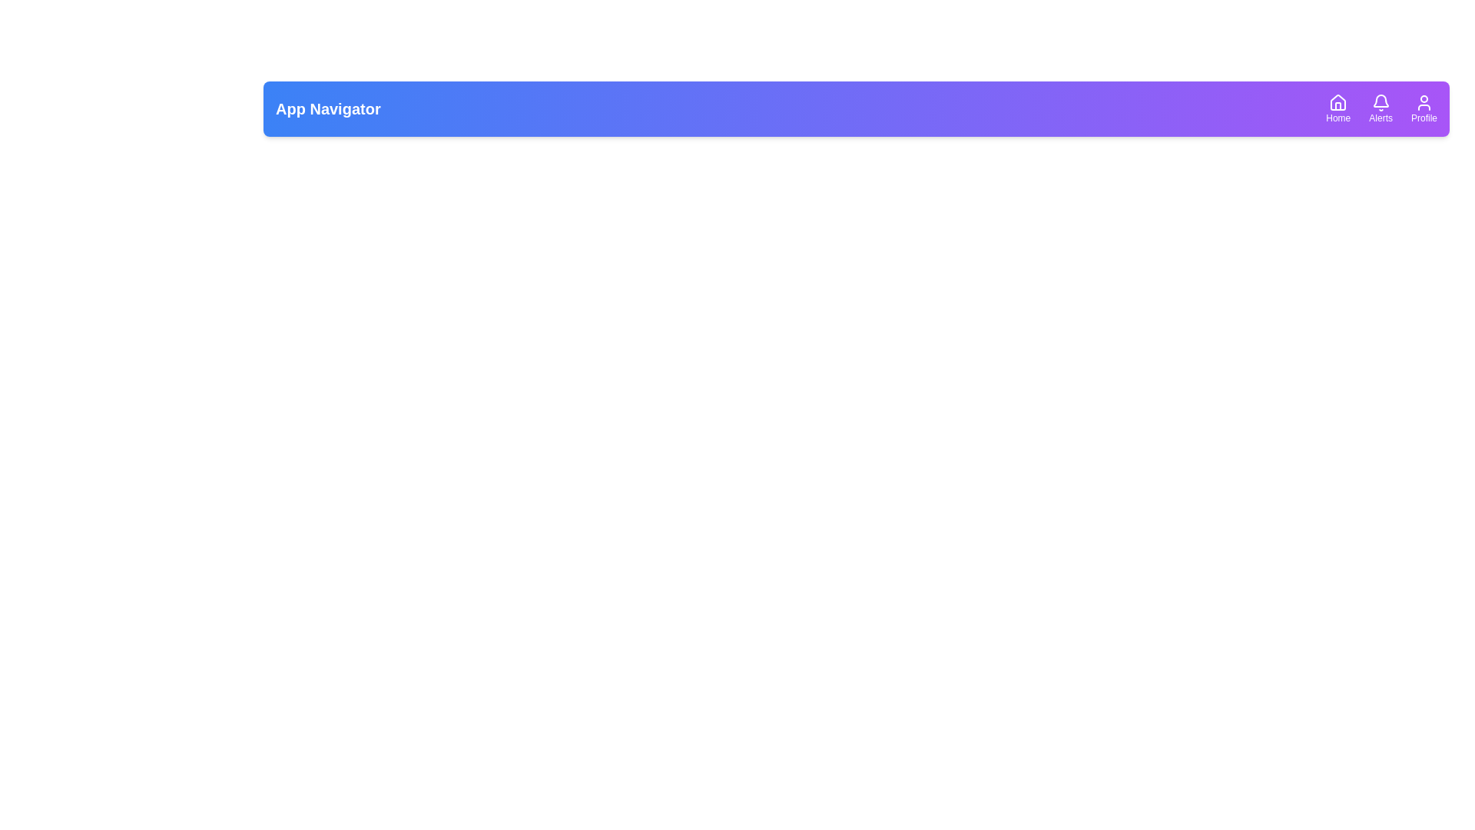 This screenshot has height=830, width=1475. I want to click on the 'Home' icon located in the top-right corner of the navigation bar, immediately, so click(1337, 102).